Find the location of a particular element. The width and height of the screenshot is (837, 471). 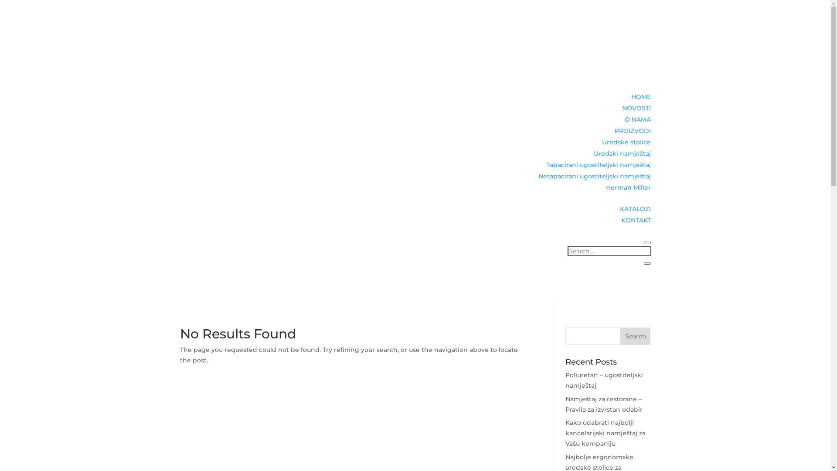

'KONTAKT' is located at coordinates (636, 220).